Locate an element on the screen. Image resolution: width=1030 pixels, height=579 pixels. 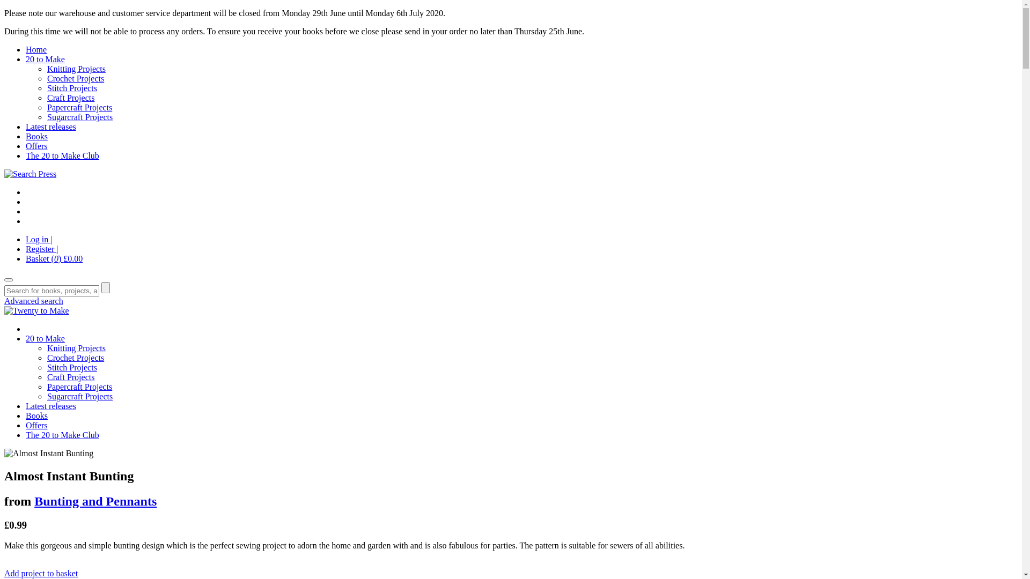
'Crochet Projects' is located at coordinates (75, 78).